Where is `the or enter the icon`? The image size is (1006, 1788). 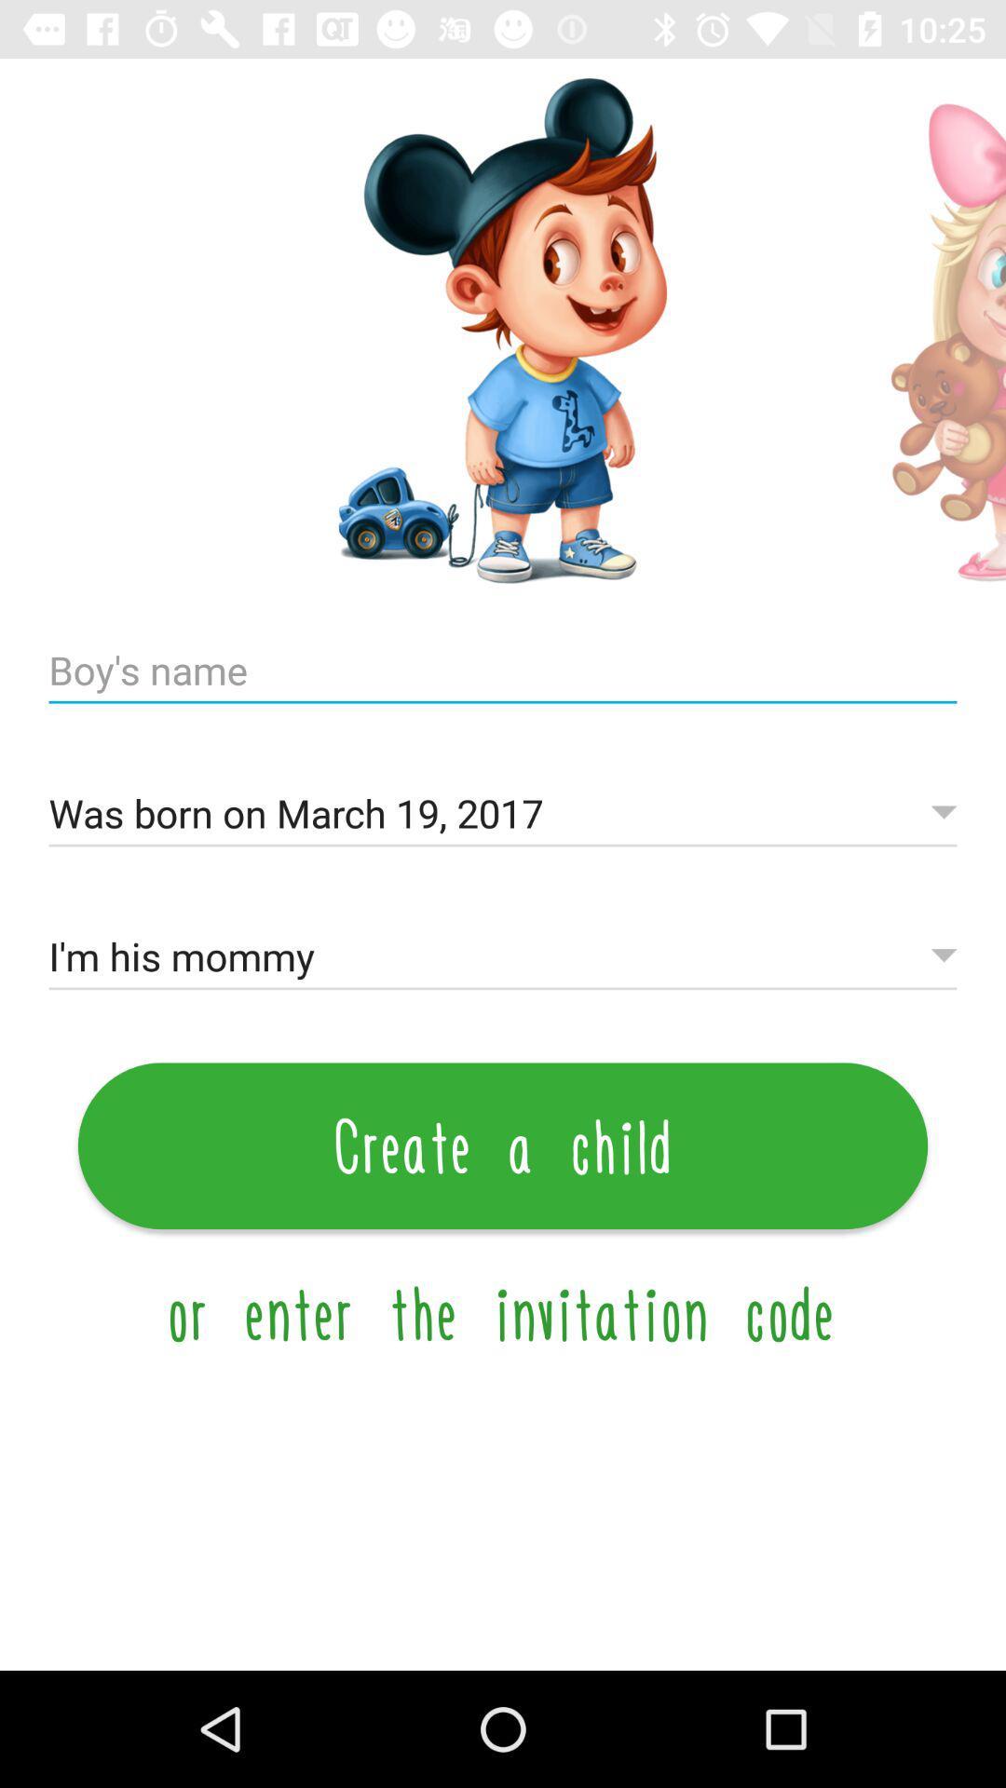 the or enter the icon is located at coordinates (503, 1312).